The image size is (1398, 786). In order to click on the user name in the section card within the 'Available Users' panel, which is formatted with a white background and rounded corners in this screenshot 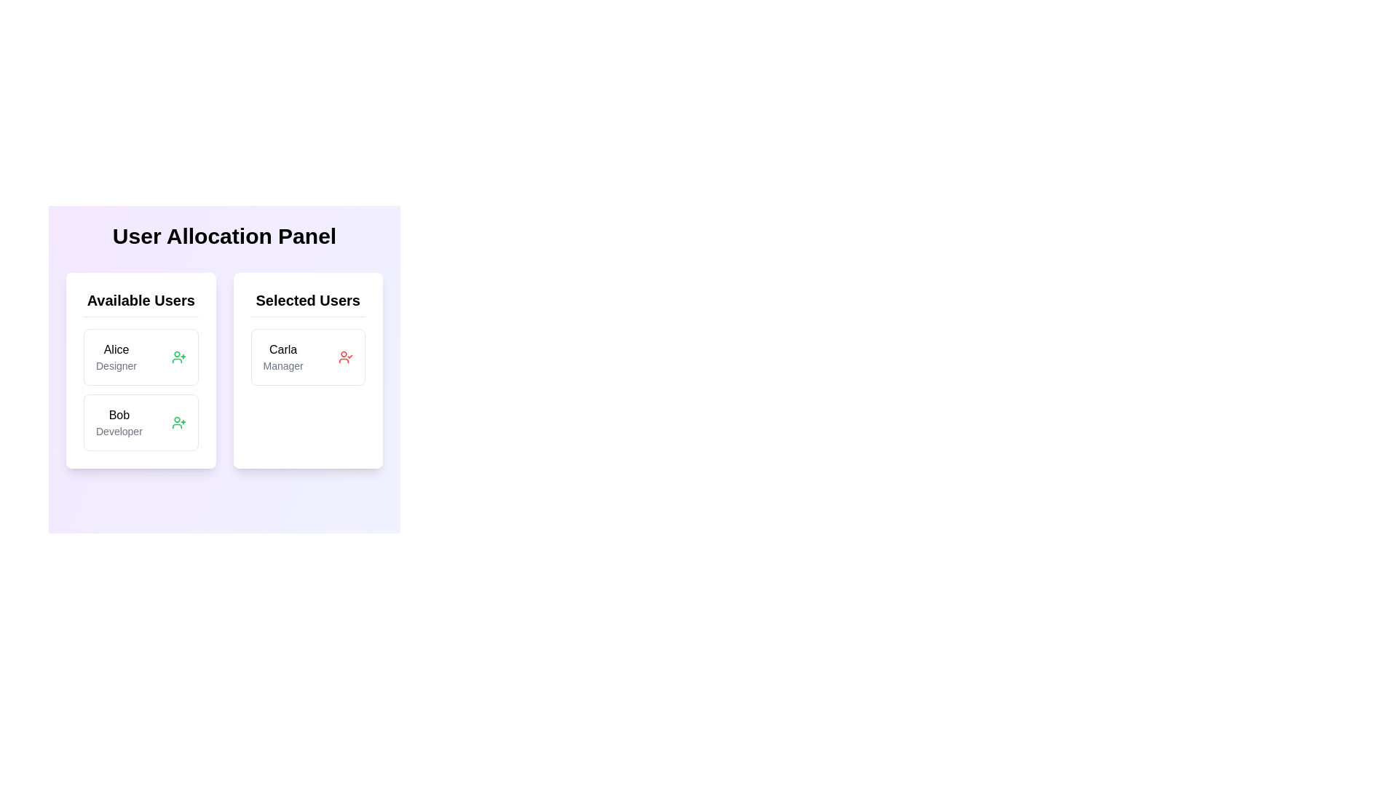, I will do `click(141, 370)`.